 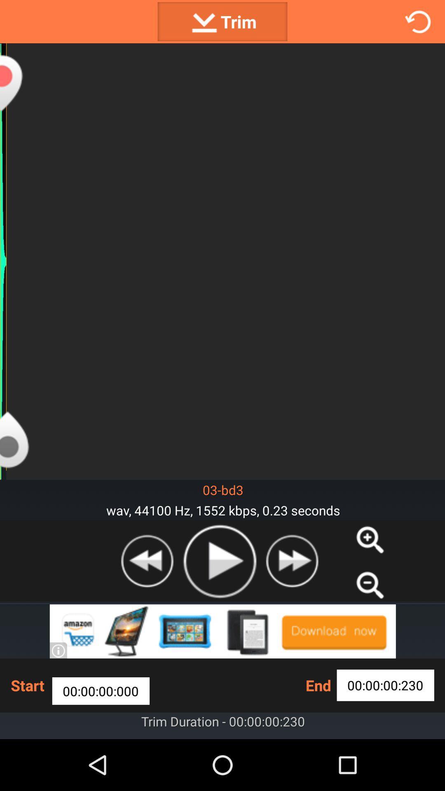 What do you see at coordinates (370, 540) in the screenshot?
I see `zoom in` at bounding box center [370, 540].